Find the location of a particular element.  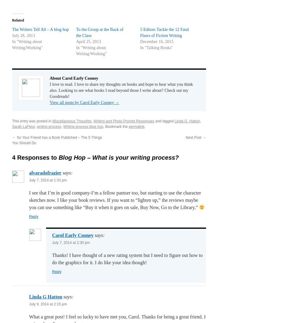

'About Carol Early Cooney' is located at coordinates (74, 78).